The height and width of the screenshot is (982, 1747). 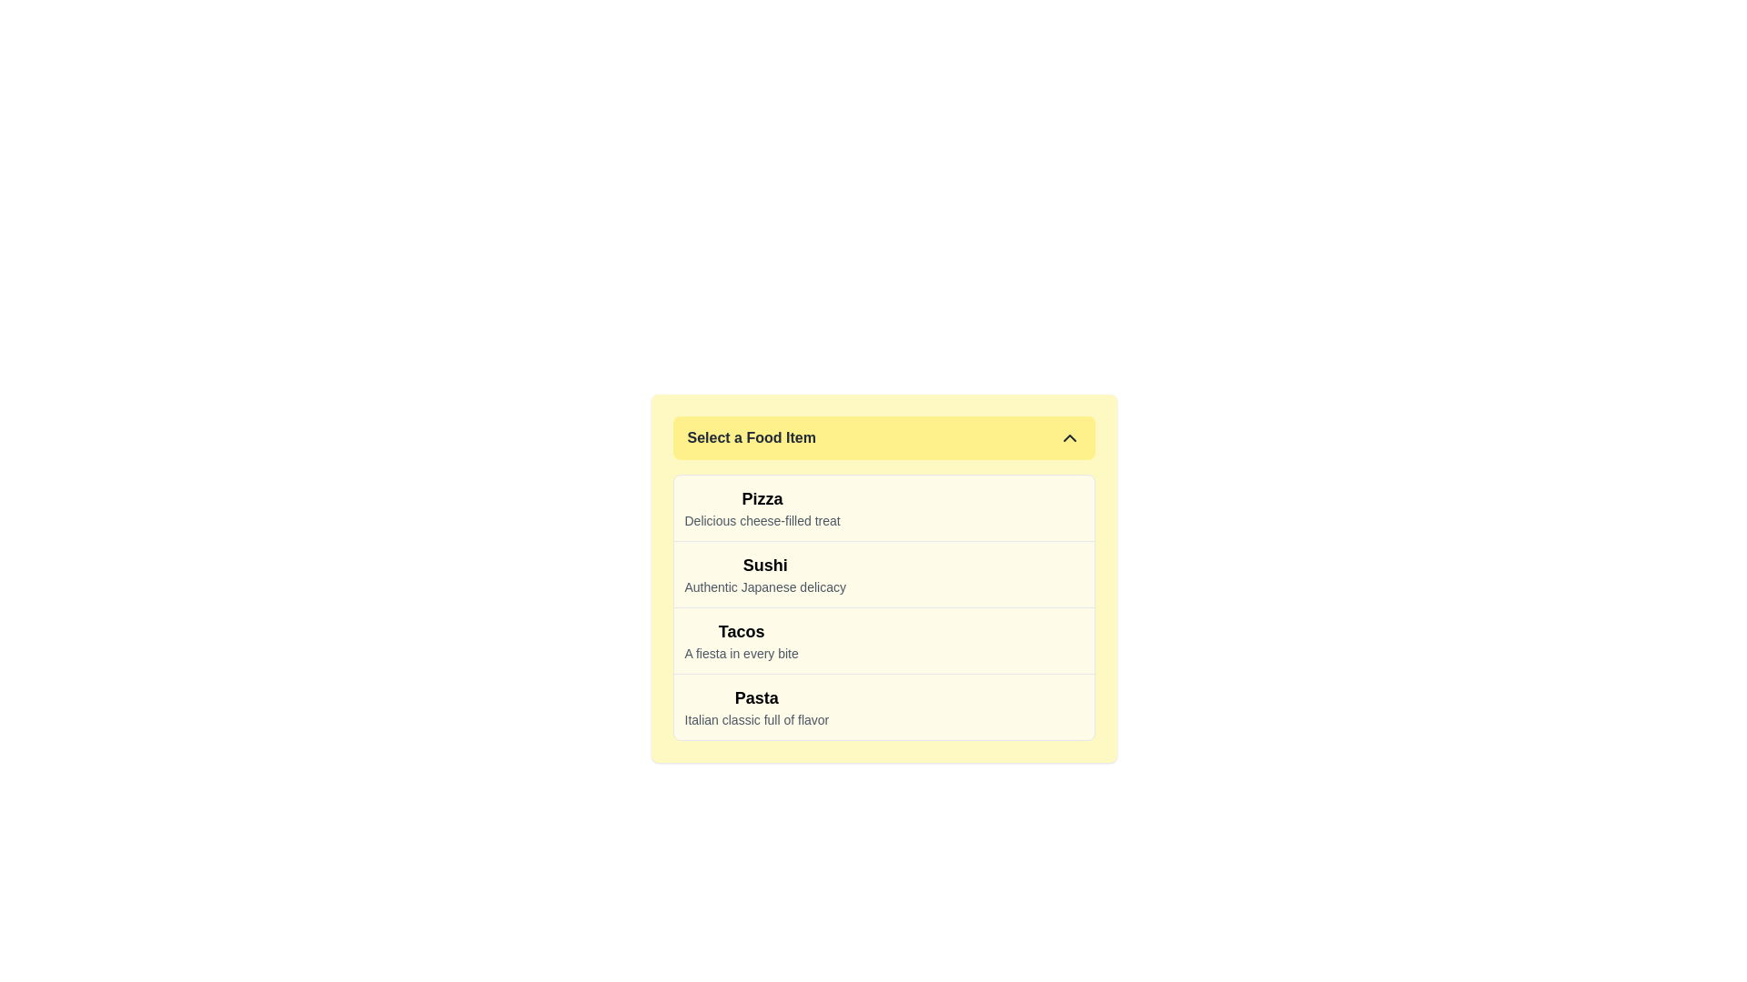 I want to click on the dropdown button labeled 'Select a Food Item' with a yellow background and rounded corners to interact with the keyboard, so click(x=884, y=438).